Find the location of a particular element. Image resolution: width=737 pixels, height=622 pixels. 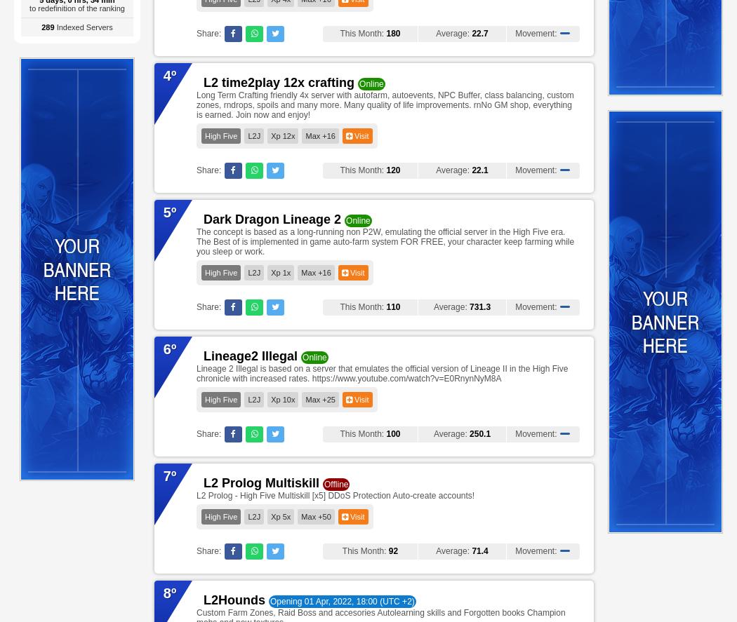

'L2 time2play 12x crafting' is located at coordinates (279, 82).